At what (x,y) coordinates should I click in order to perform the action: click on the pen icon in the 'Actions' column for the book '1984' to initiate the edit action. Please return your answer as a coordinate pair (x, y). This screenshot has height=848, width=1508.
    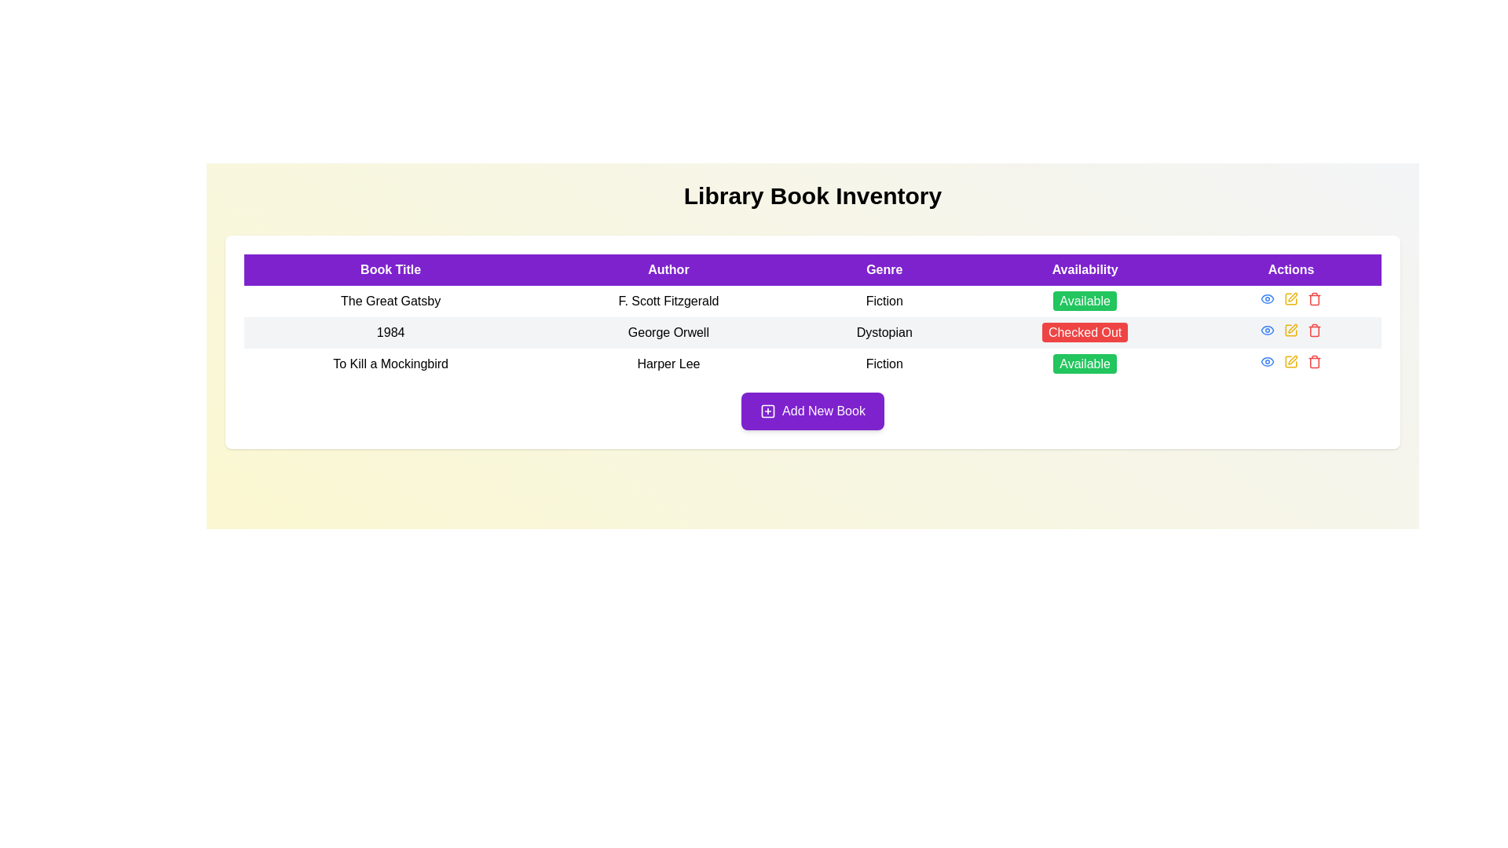
    Looking at the image, I should click on (1293, 327).